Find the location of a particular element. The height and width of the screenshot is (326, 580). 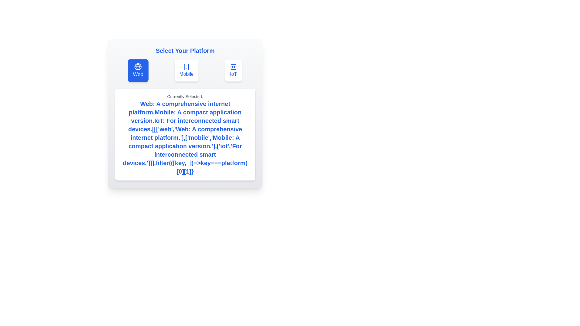

the button corresponding to the platform IoT to select it is located at coordinates (233, 70).